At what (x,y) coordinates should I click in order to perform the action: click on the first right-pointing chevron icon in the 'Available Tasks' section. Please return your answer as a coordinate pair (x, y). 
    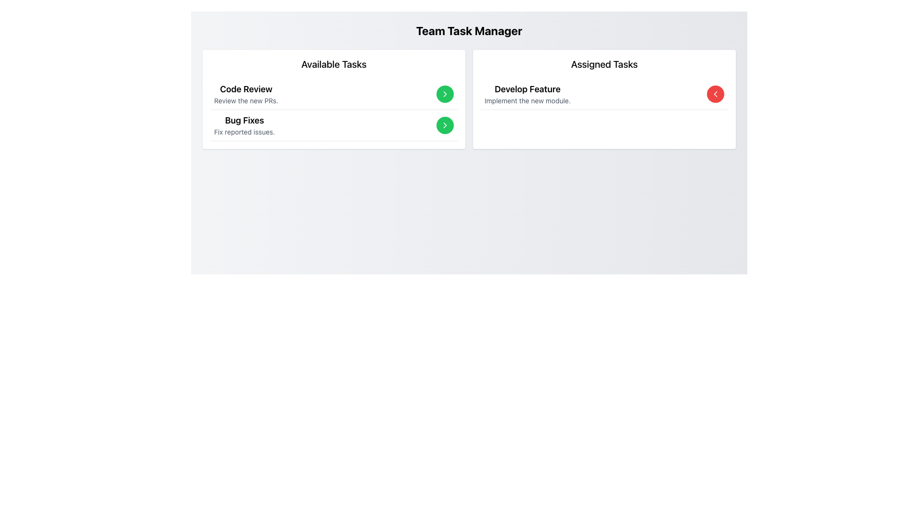
    Looking at the image, I should click on (445, 94).